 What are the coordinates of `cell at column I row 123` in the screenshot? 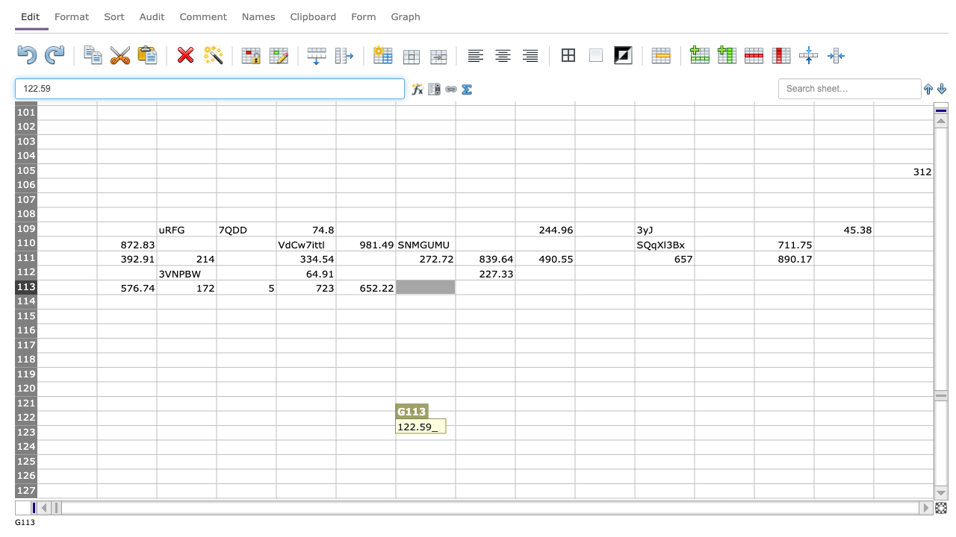 It's located at (544, 433).